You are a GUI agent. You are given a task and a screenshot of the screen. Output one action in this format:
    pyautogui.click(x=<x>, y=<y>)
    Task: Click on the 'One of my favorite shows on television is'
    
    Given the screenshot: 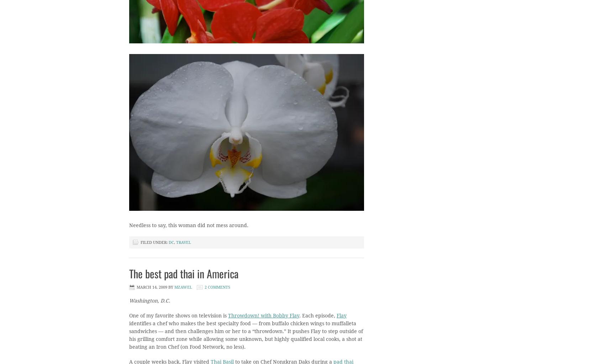 What is the action you would take?
    pyautogui.click(x=178, y=316)
    